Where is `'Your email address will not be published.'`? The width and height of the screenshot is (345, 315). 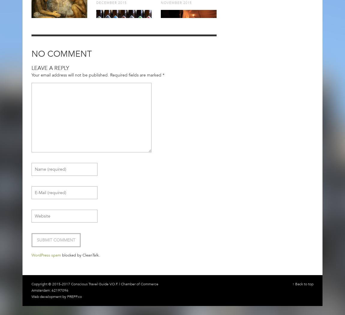
'Your email address will not be published.' is located at coordinates (31, 75).